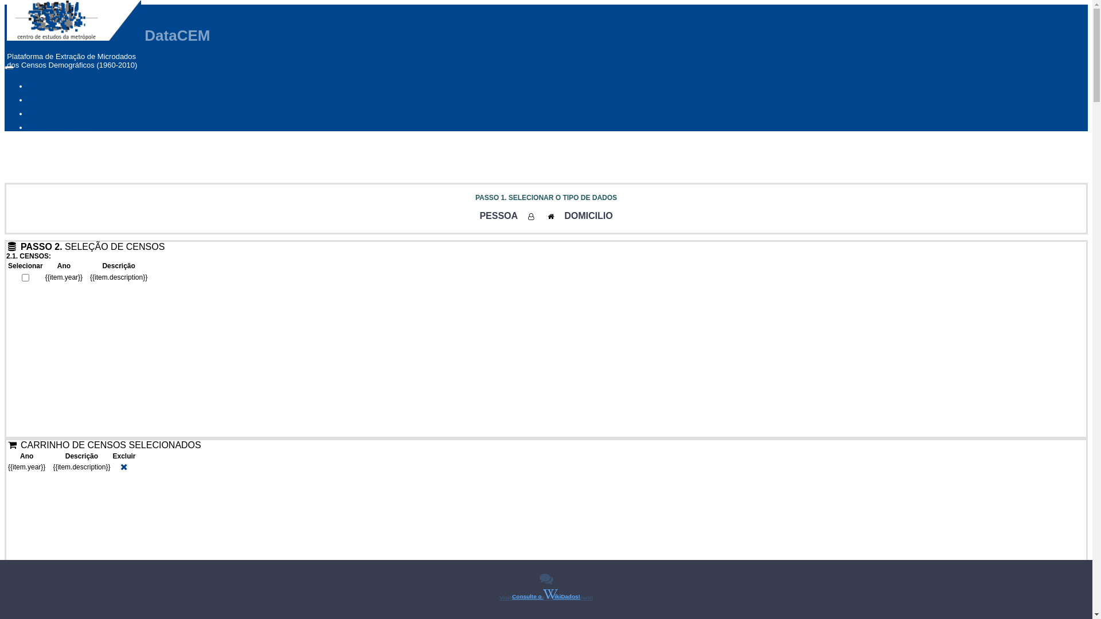 This screenshot has height=619, width=1101. I want to click on 'Consulte o ikiDados!', so click(545, 594).